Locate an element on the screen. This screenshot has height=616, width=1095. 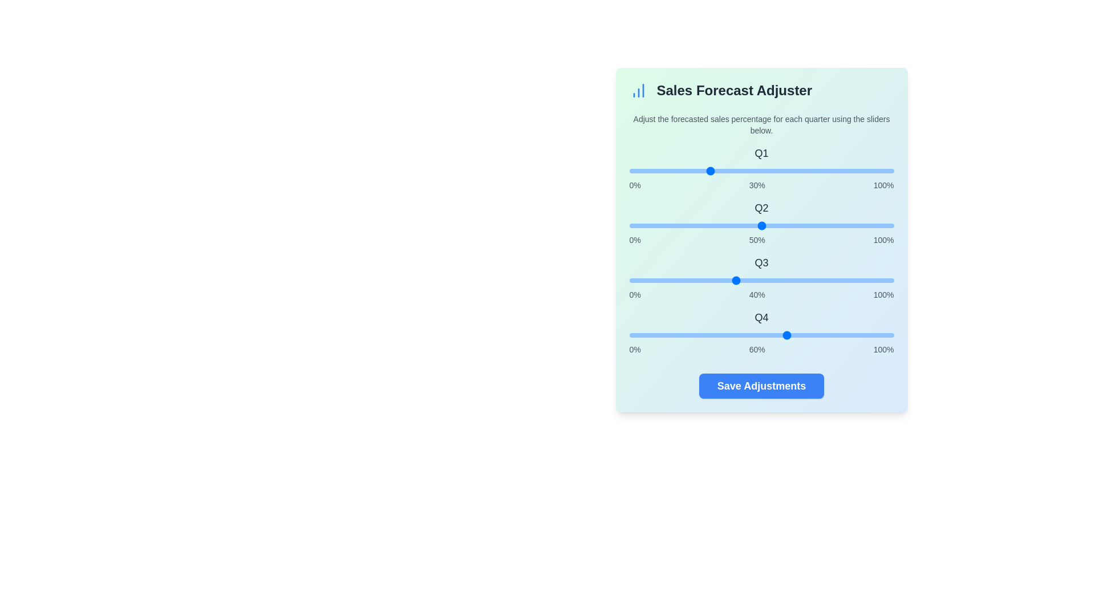
the 'Save Adjustments' button to save the changes is located at coordinates (761, 386).